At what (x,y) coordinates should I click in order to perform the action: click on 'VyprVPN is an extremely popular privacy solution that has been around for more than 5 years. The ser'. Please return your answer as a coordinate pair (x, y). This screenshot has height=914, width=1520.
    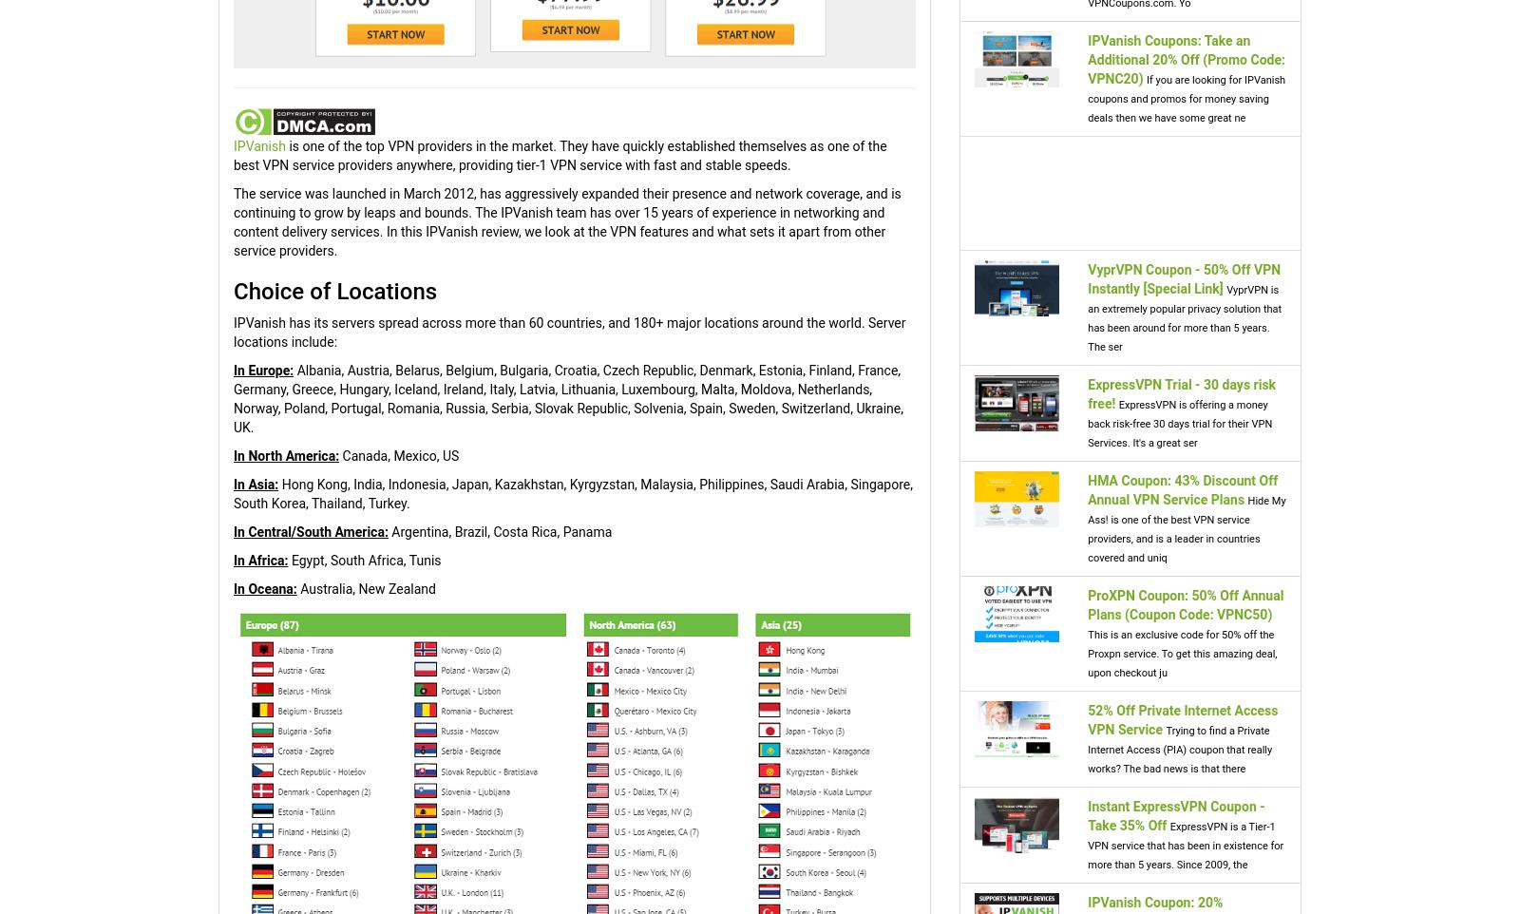
    Looking at the image, I should click on (1184, 316).